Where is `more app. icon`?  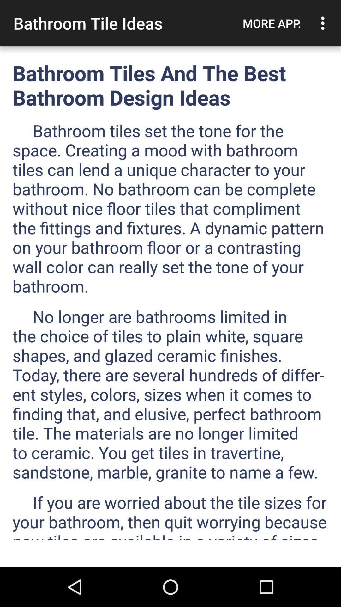
more app. icon is located at coordinates (272, 23).